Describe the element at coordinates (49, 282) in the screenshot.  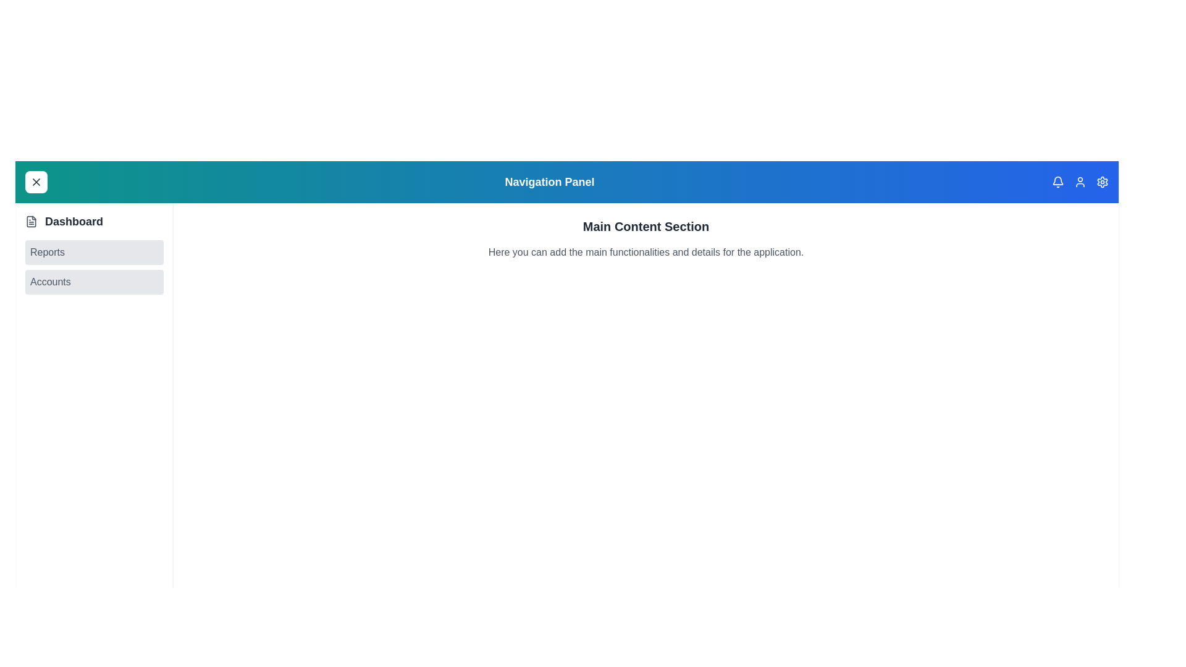
I see `the 'Accounts' text label within the sidebar menu` at that location.